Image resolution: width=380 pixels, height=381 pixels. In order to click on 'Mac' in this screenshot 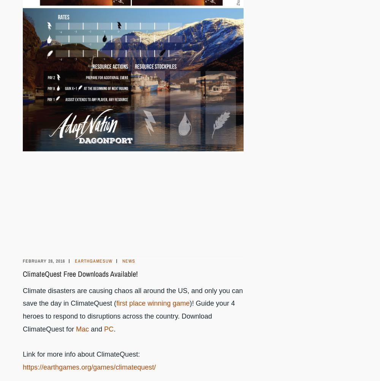, I will do `click(76, 328)`.